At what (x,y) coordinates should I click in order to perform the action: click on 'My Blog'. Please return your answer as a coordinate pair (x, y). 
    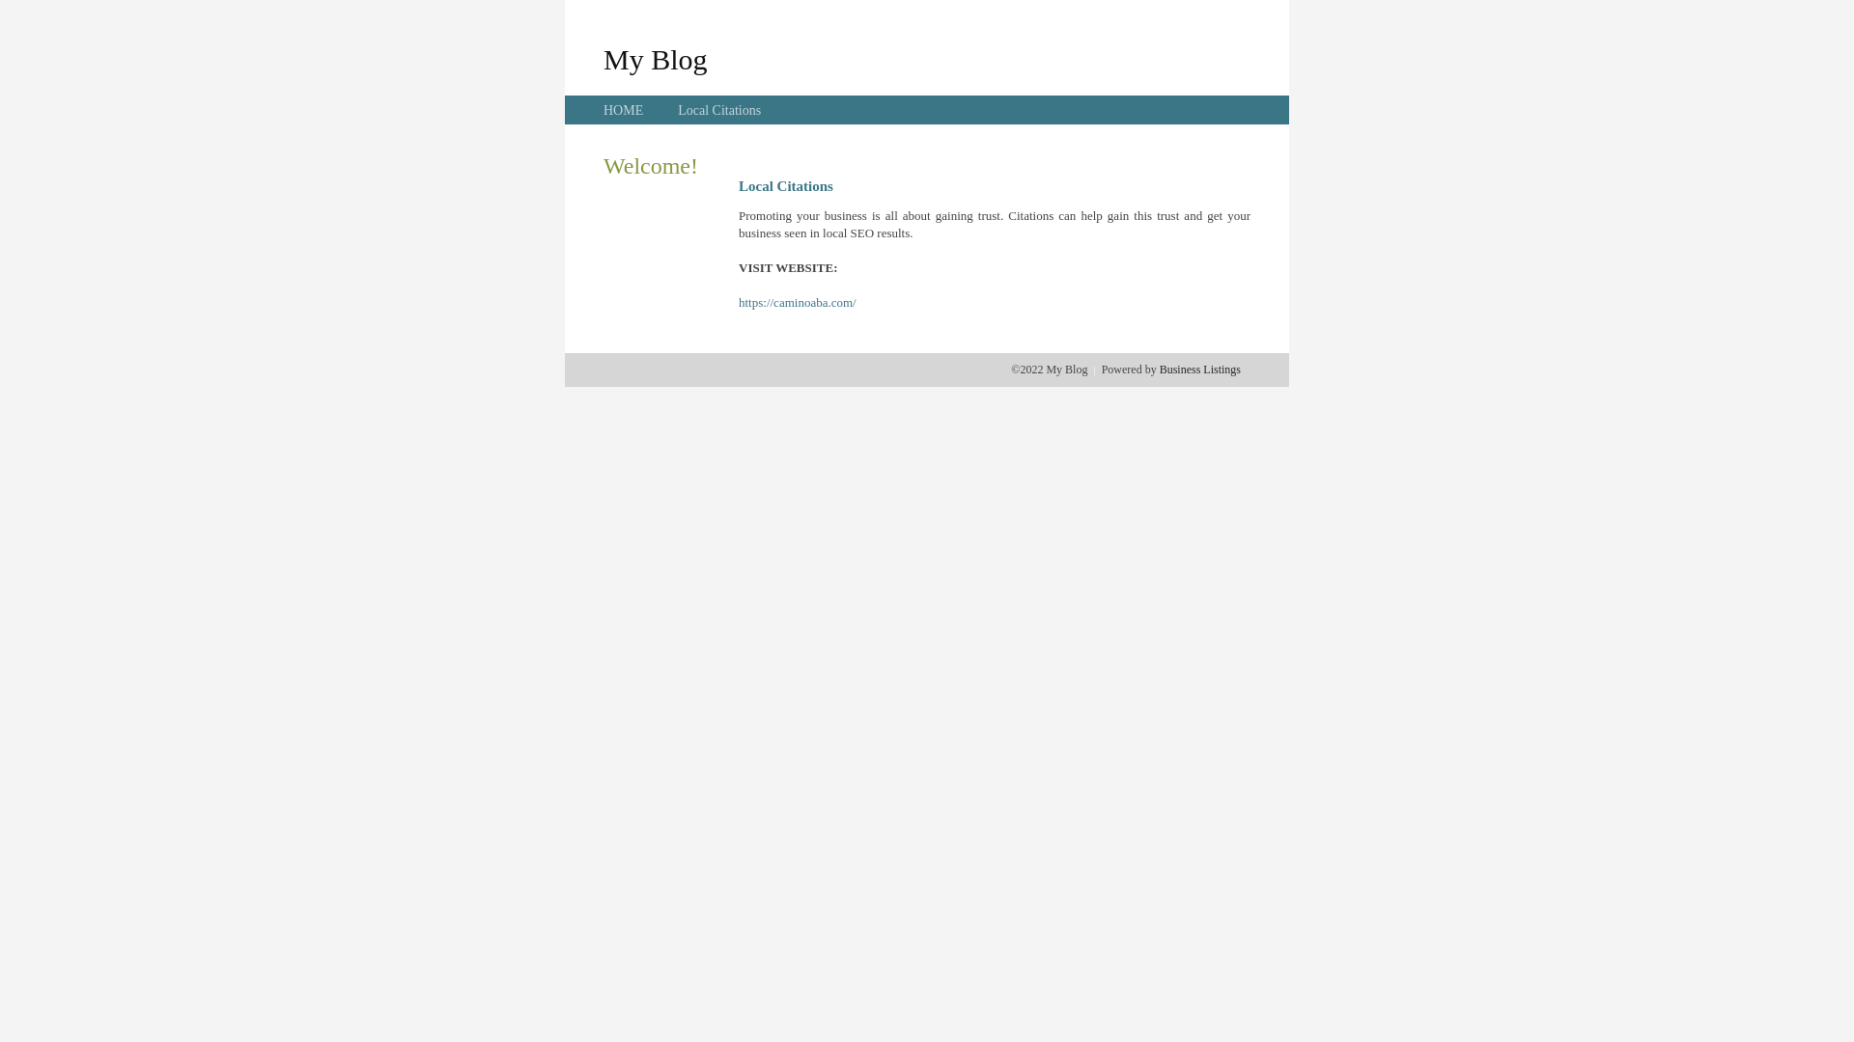
    Looking at the image, I should click on (655, 58).